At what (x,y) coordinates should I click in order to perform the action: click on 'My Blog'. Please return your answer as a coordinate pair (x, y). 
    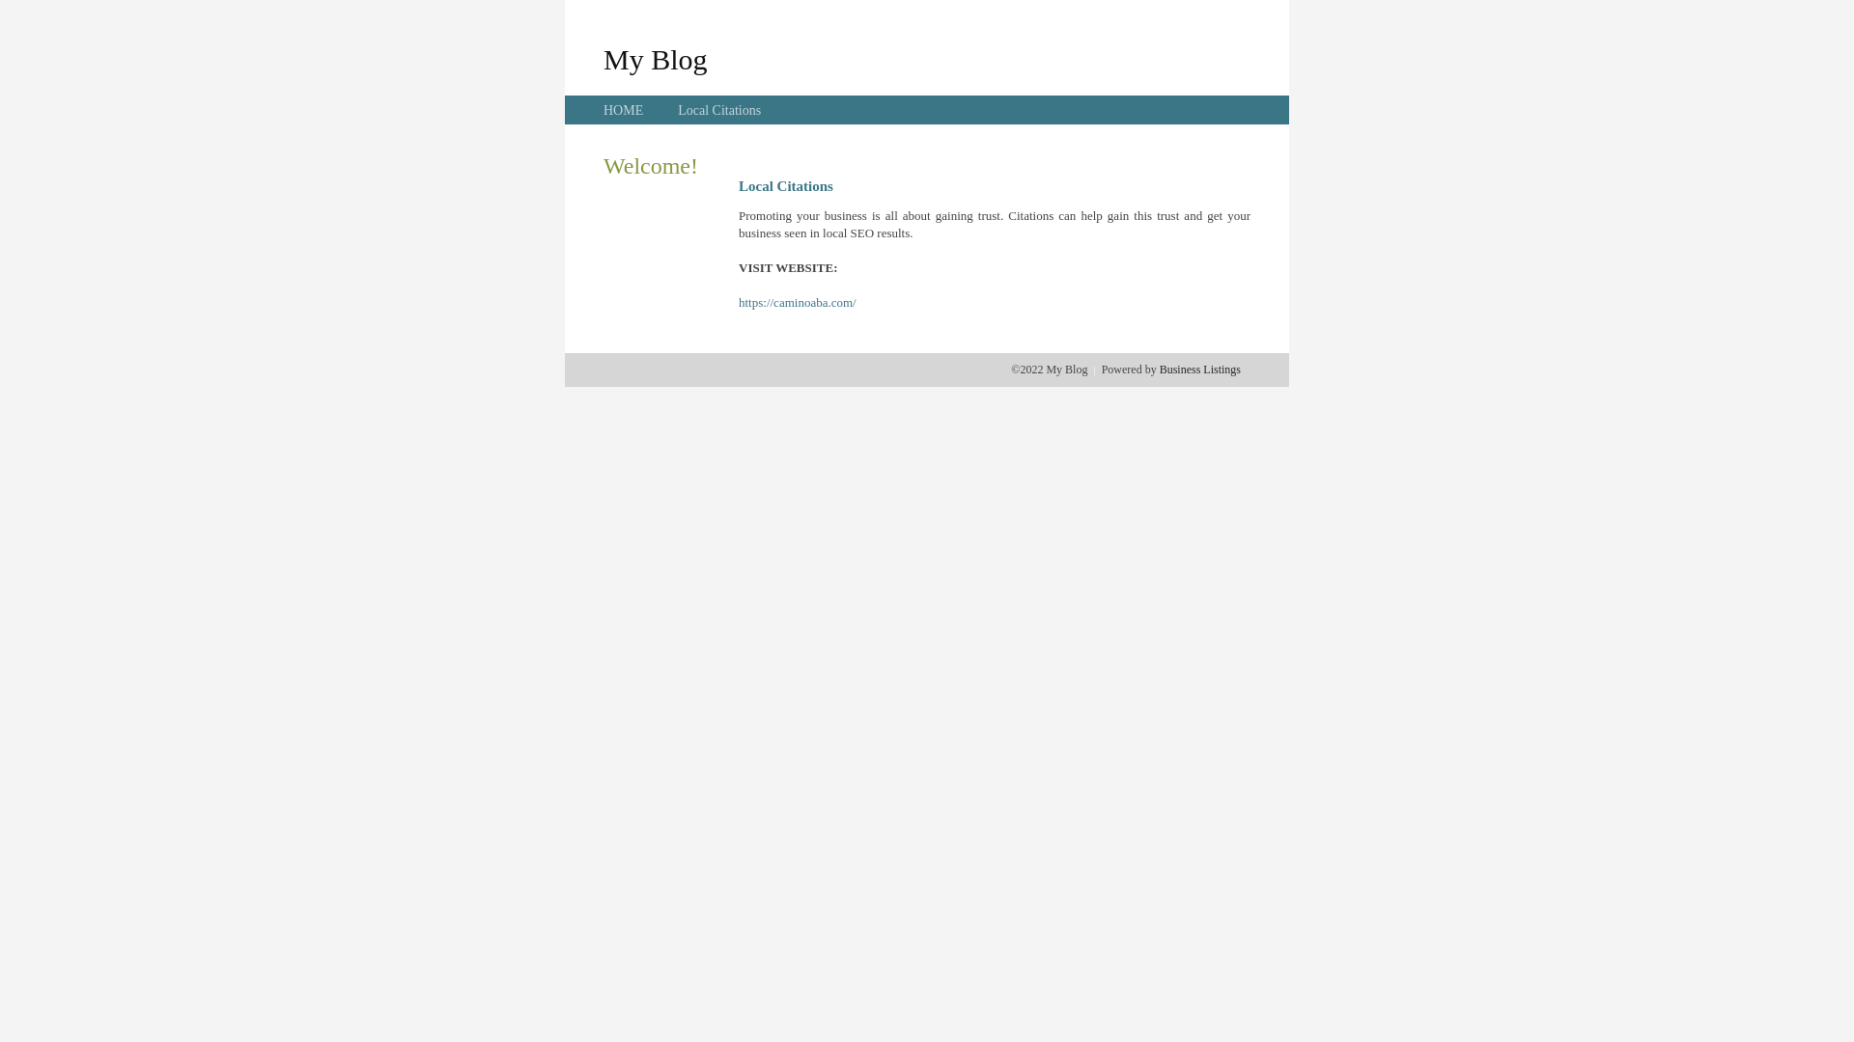
    Looking at the image, I should click on (655, 58).